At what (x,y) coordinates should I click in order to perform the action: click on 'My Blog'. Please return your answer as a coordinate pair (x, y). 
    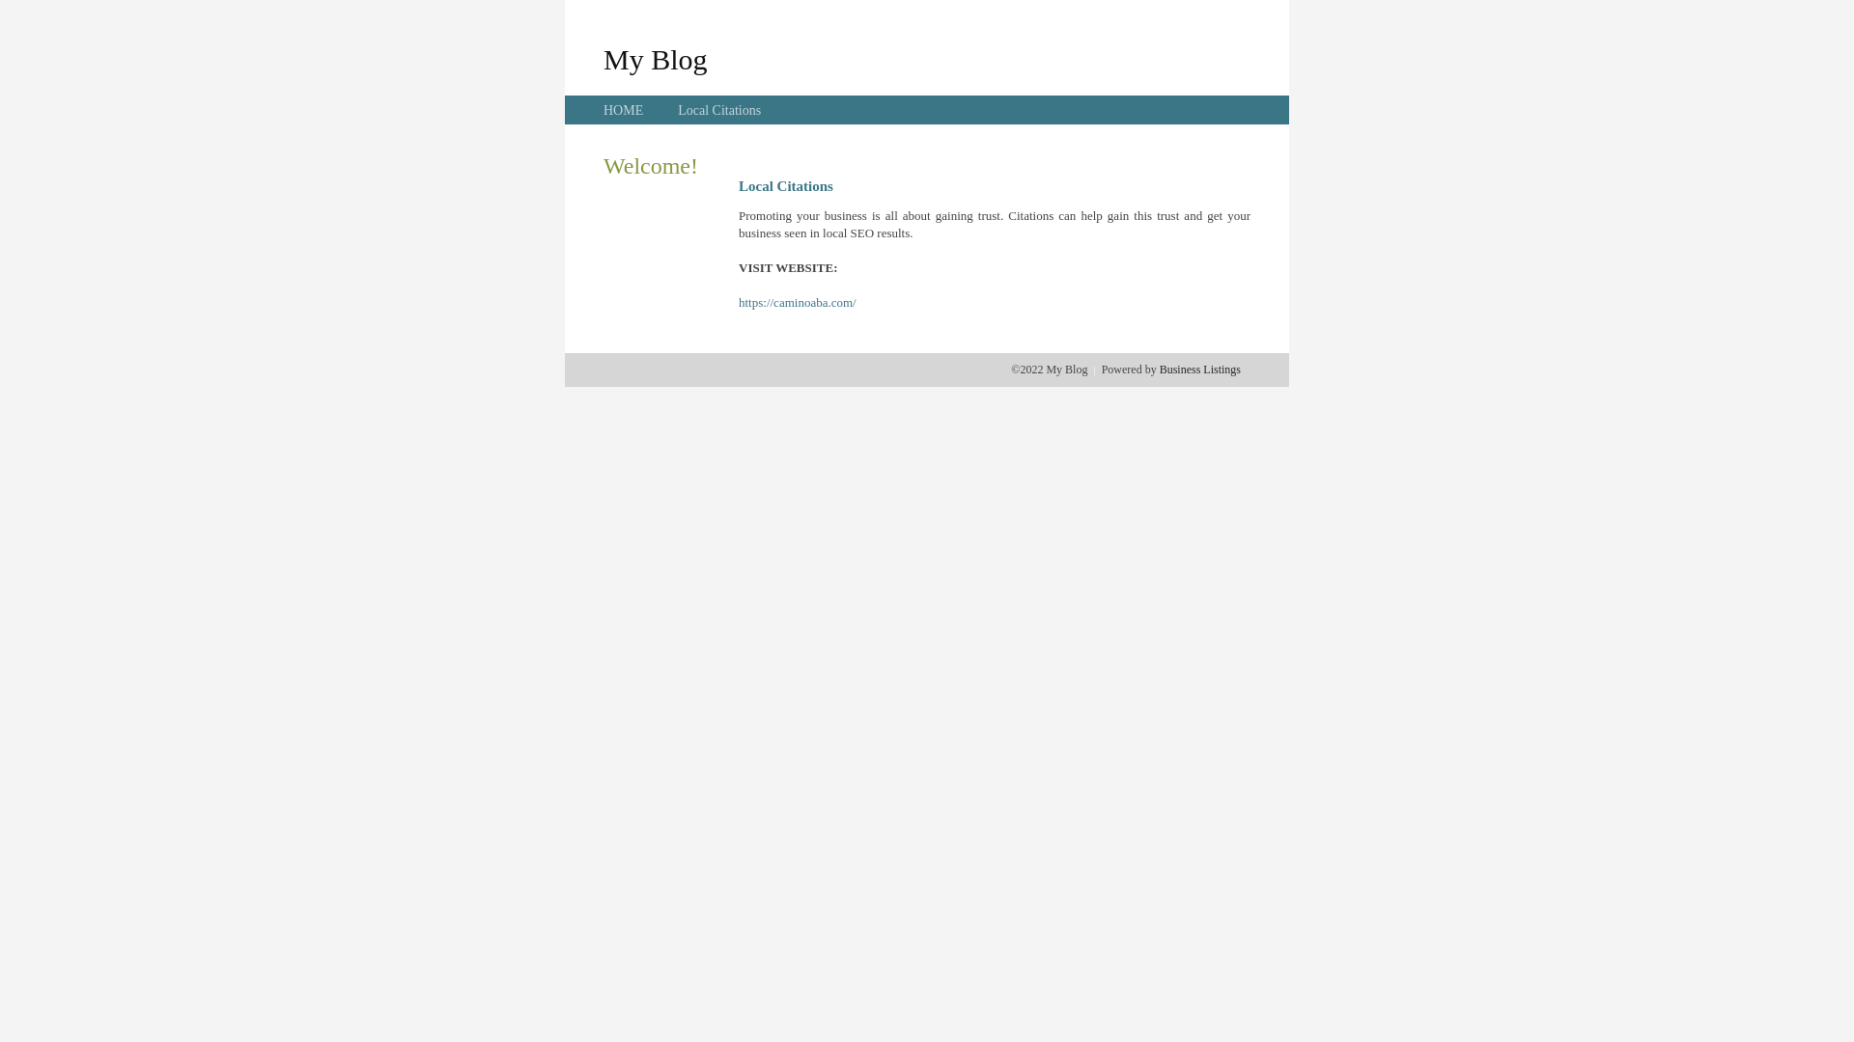
    Looking at the image, I should click on (655, 58).